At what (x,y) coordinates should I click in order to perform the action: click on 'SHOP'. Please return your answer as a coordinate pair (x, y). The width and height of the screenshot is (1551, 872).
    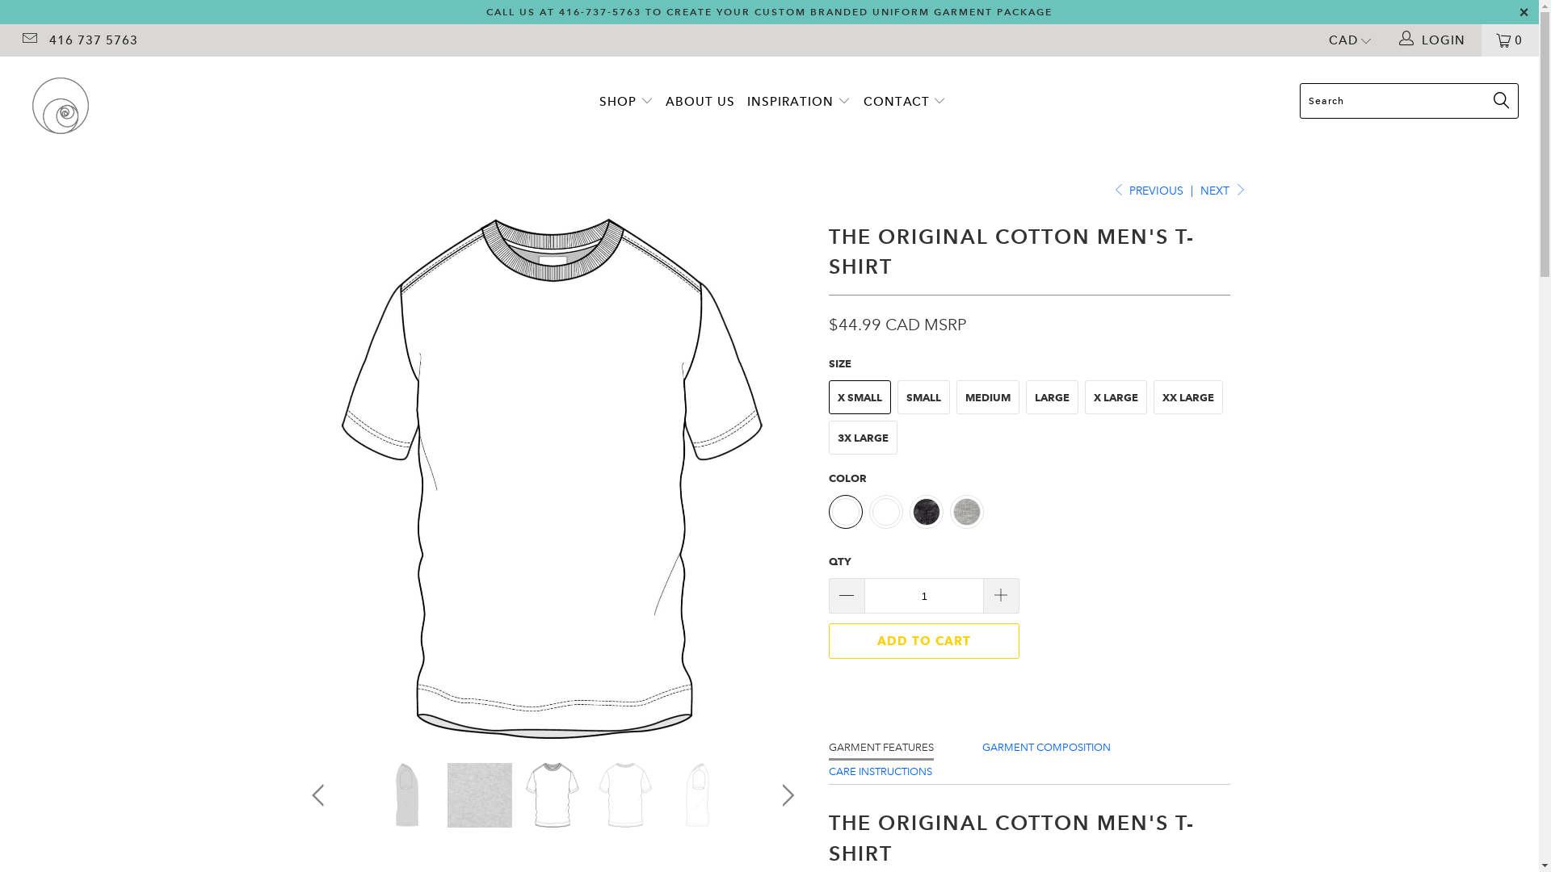
    Looking at the image, I should click on (625, 103).